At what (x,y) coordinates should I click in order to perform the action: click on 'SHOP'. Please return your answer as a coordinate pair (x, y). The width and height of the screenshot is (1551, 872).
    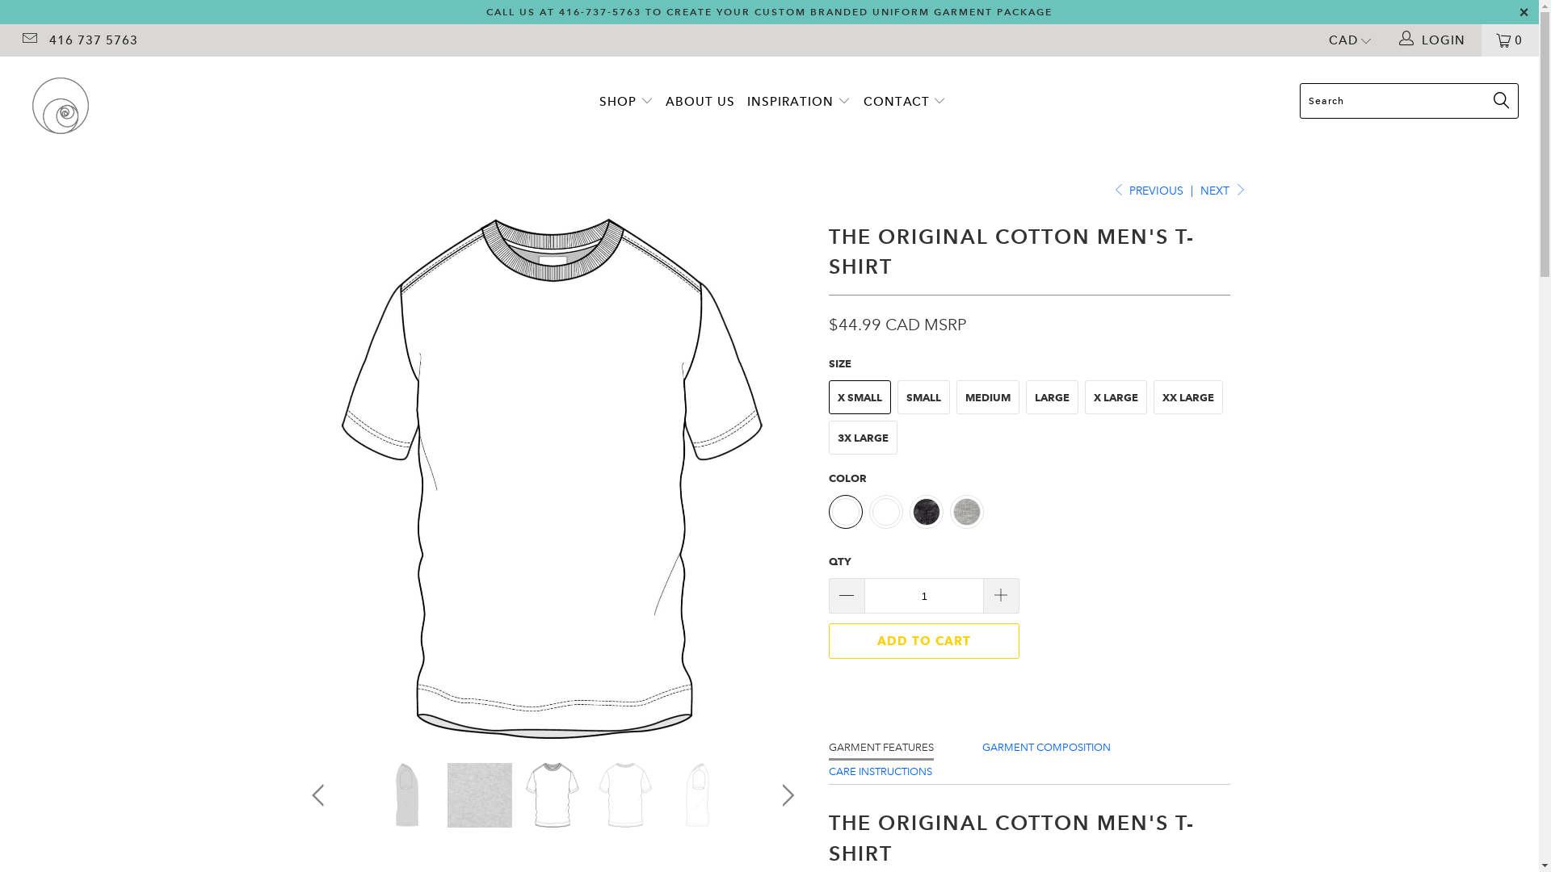
    Looking at the image, I should click on (625, 103).